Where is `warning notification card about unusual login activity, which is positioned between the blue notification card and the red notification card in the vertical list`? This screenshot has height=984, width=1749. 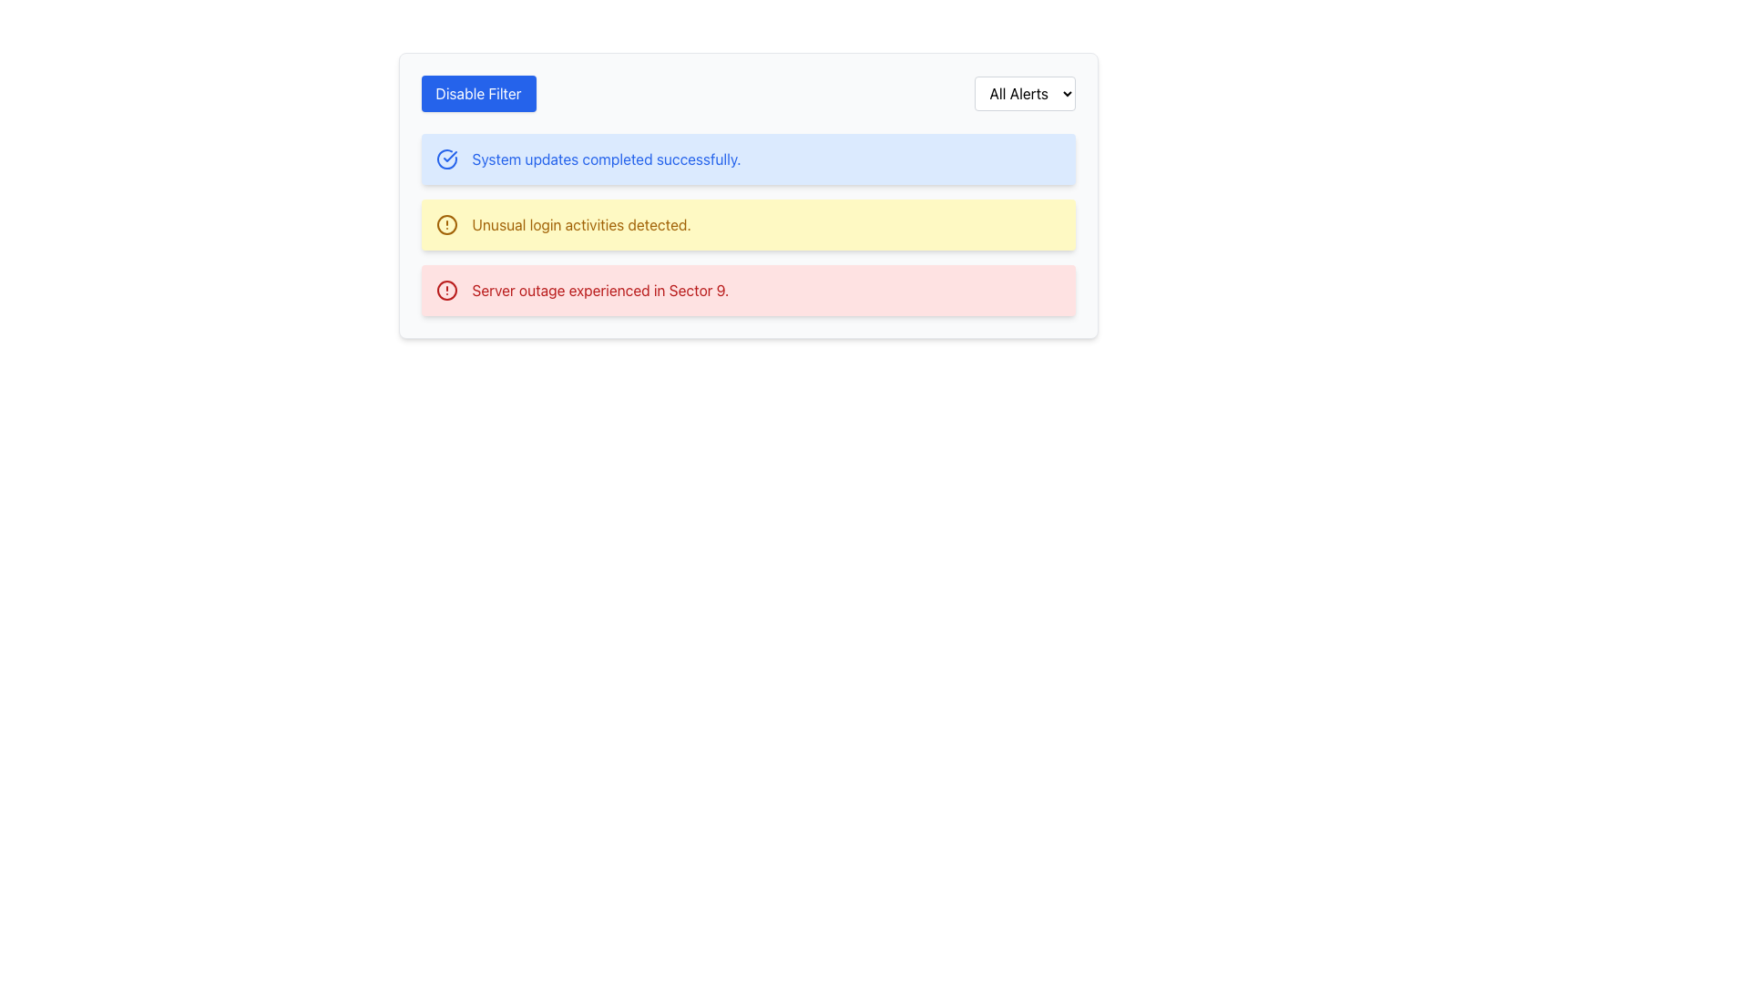 warning notification card about unusual login activity, which is positioned between the blue notification card and the red notification card in the vertical list is located at coordinates (748, 223).